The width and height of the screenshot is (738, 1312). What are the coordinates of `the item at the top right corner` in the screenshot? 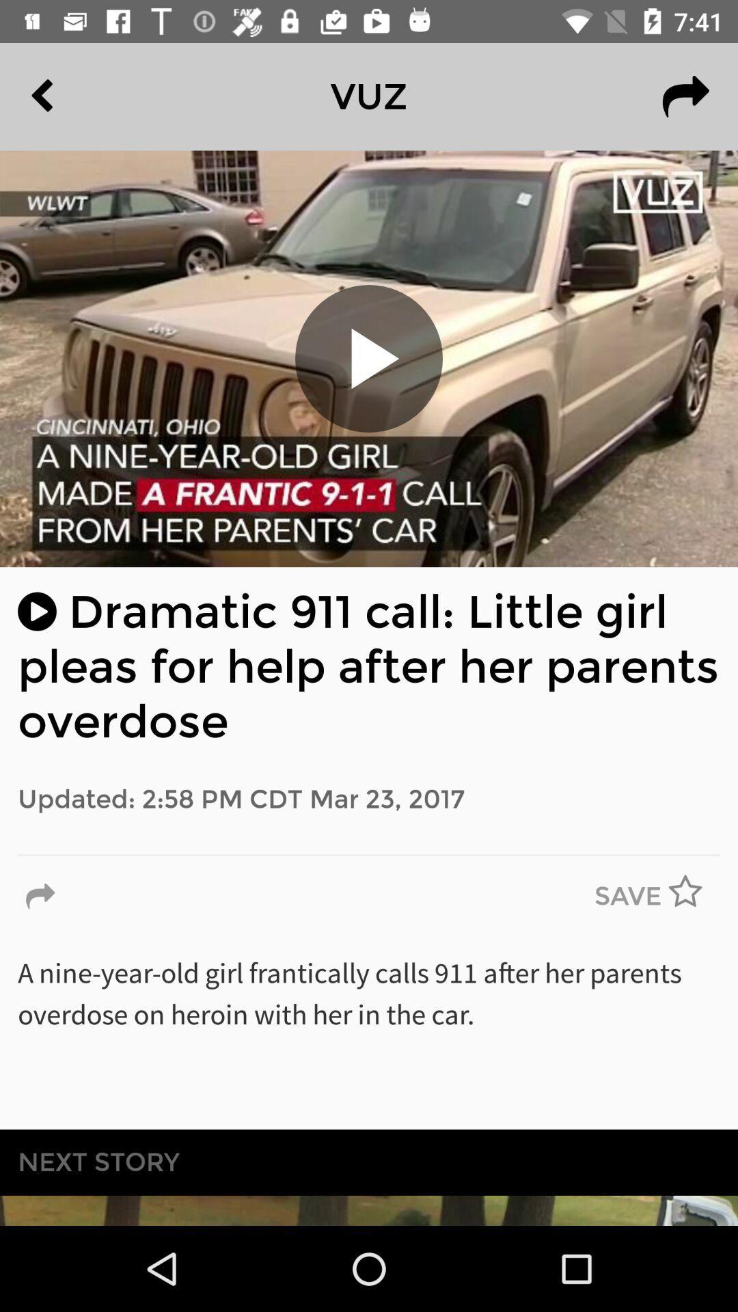 It's located at (685, 96).